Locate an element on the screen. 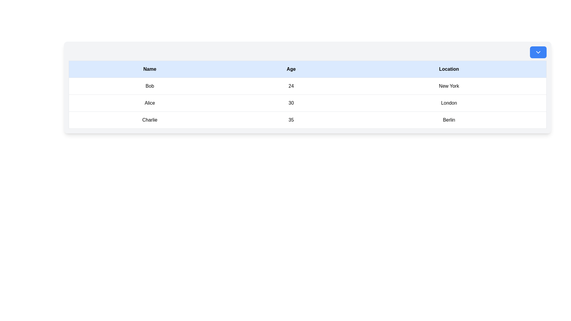 The height and width of the screenshot is (321, 571). the 'Age' header cell, which has a light blue background and bold black text, to edit the column name is located at coordinates (291, 69).